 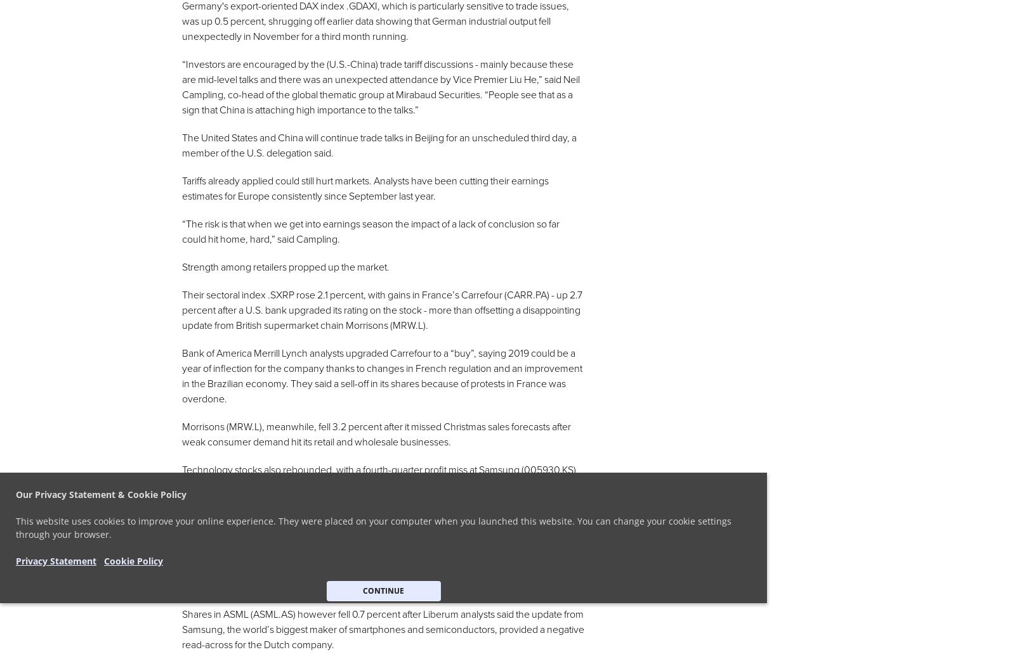 I want to click on 'The tech index .SX8P was up 1.2 percent with chipmaker AMS (AMS.S) jumping 10.8 percent.', so click(x=182, y=528).